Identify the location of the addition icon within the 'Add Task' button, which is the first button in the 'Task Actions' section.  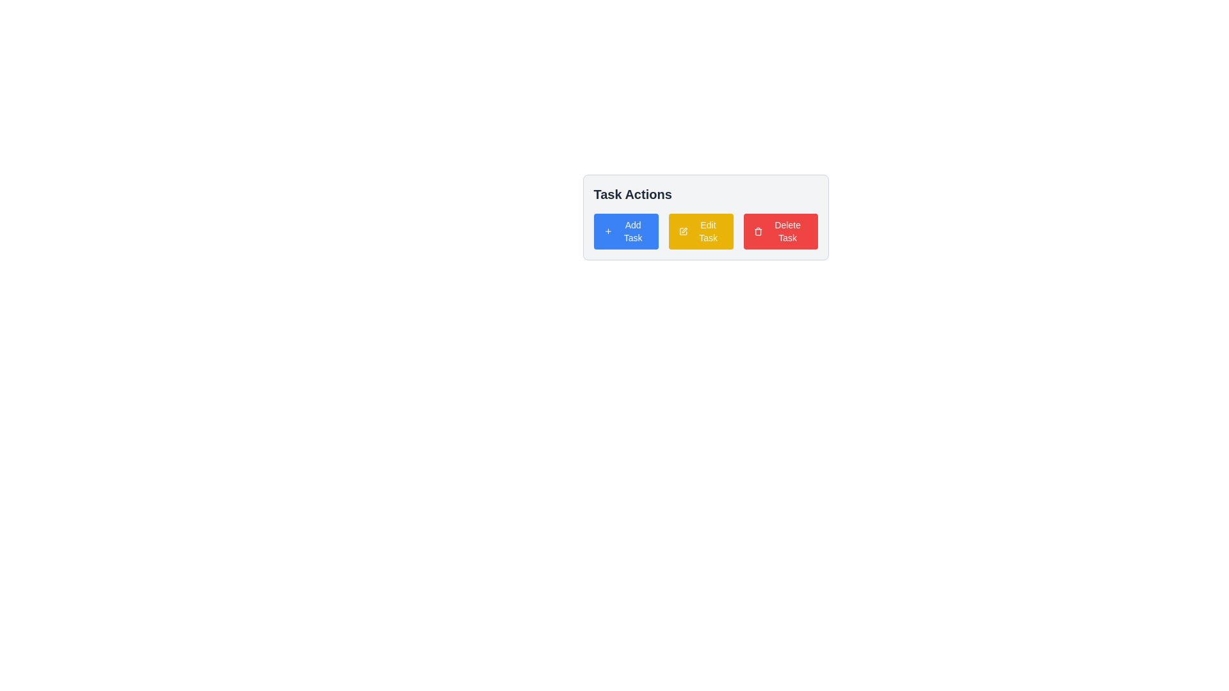
(607, 232).